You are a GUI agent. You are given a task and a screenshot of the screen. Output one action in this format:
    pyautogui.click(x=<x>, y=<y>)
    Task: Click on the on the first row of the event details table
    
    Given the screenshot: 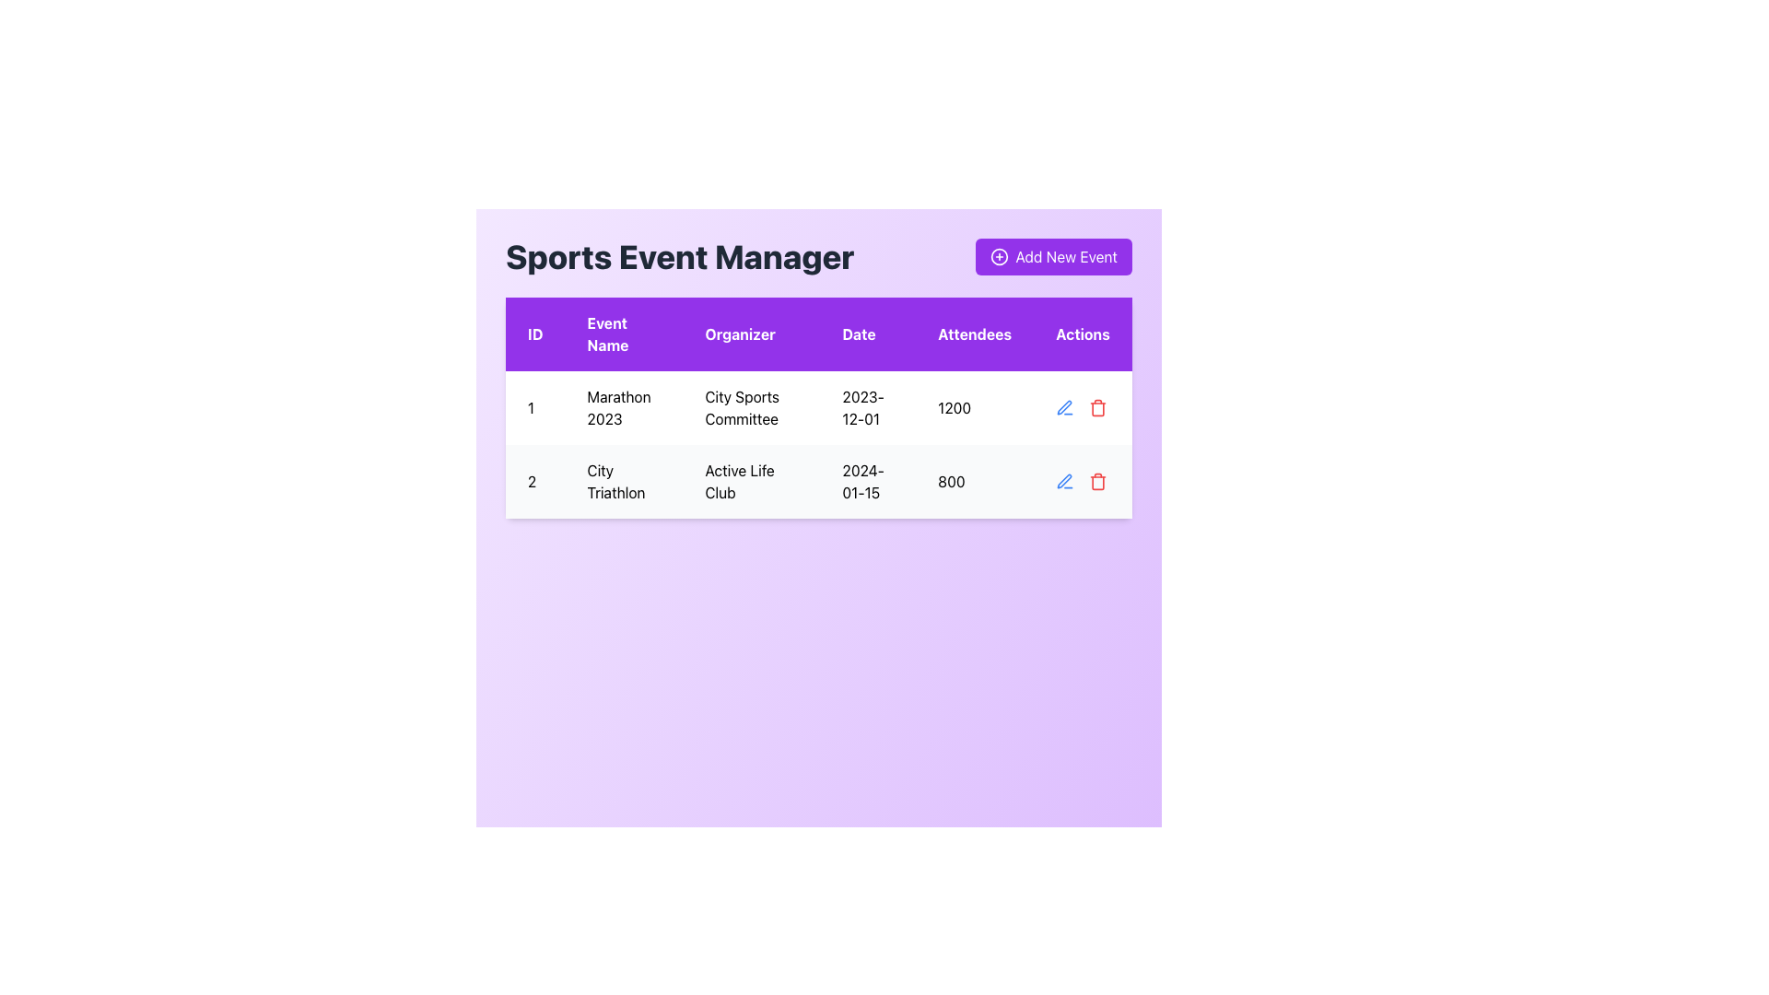 What is the action you would take?
    pyautogui.click(x=817, y=407)
    